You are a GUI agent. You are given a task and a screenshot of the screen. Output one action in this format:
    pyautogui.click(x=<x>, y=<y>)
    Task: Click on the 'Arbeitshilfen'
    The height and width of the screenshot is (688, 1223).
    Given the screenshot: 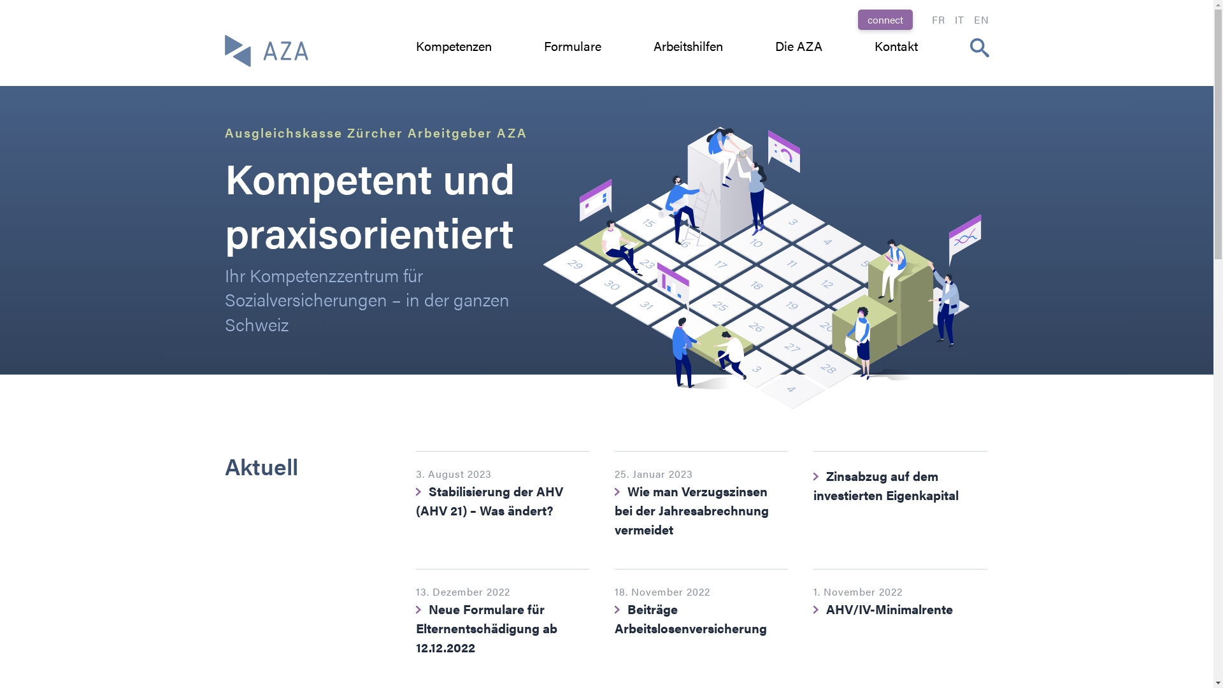 What is the action you would take?
    pyautogui.click(x=687, y=45)
    